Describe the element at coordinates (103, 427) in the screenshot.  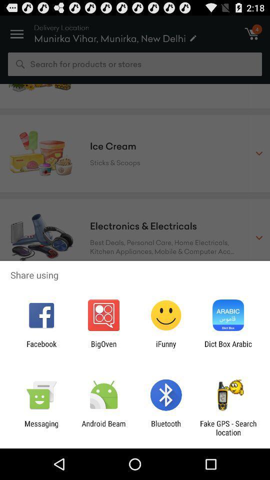
I see `the item to the right of messaging icon` at that location.